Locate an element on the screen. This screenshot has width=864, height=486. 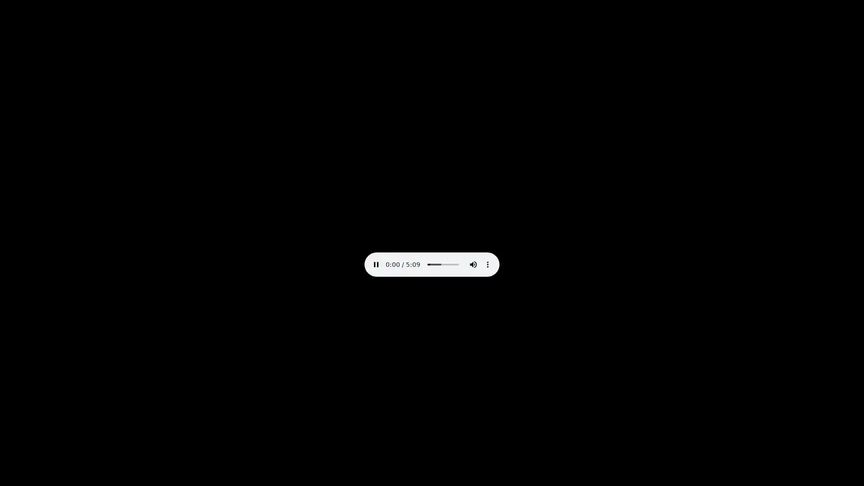
pause is located at coordinates (376, 264).